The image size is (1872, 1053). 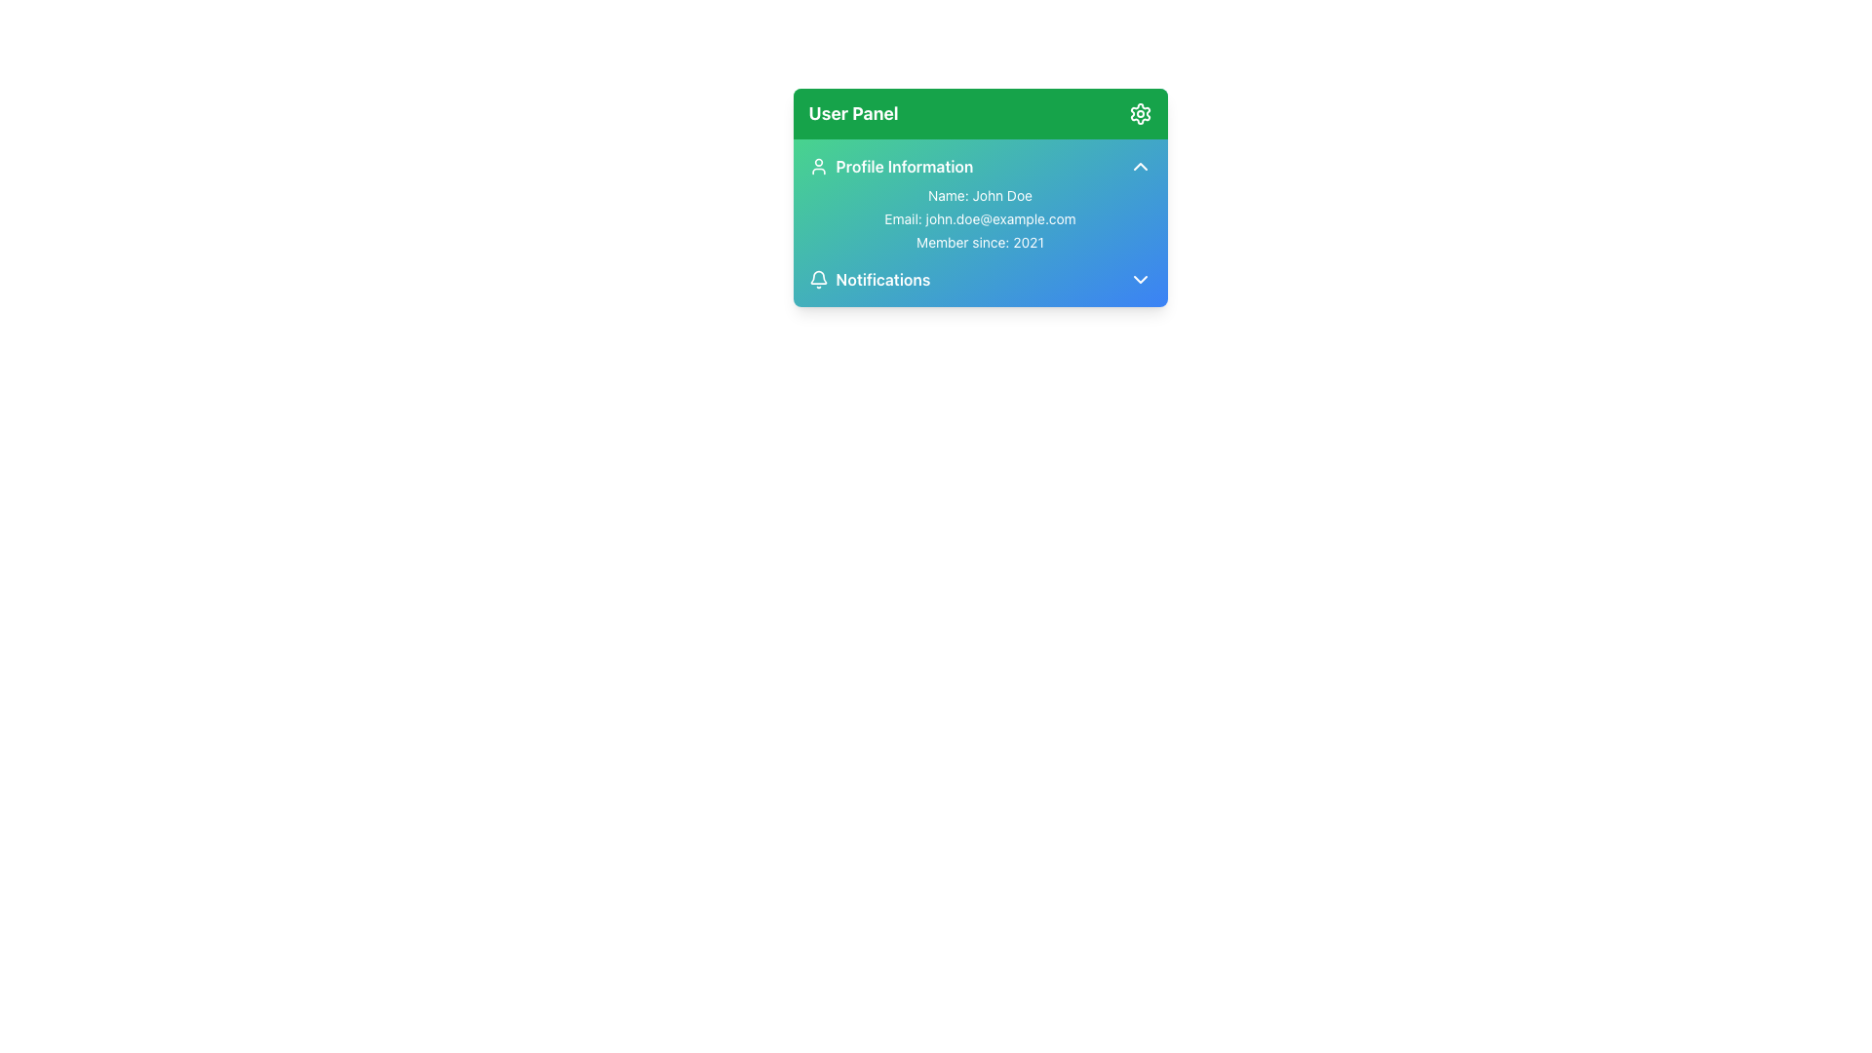 What do you see at coordinates (1140, 113) in the screenshot?
I see `the cogwheel-like icon button in the top-right corner of the 'User Panel' card interface` at bounding box center [1140, 113].